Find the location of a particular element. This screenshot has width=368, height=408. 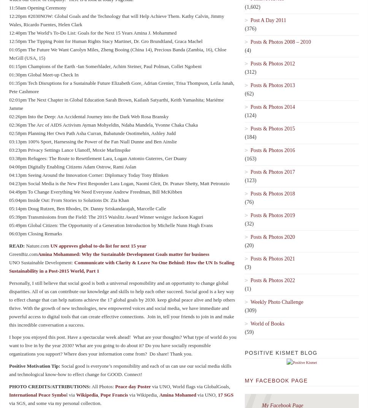

'(3)' is located at coordinates (248, 267).